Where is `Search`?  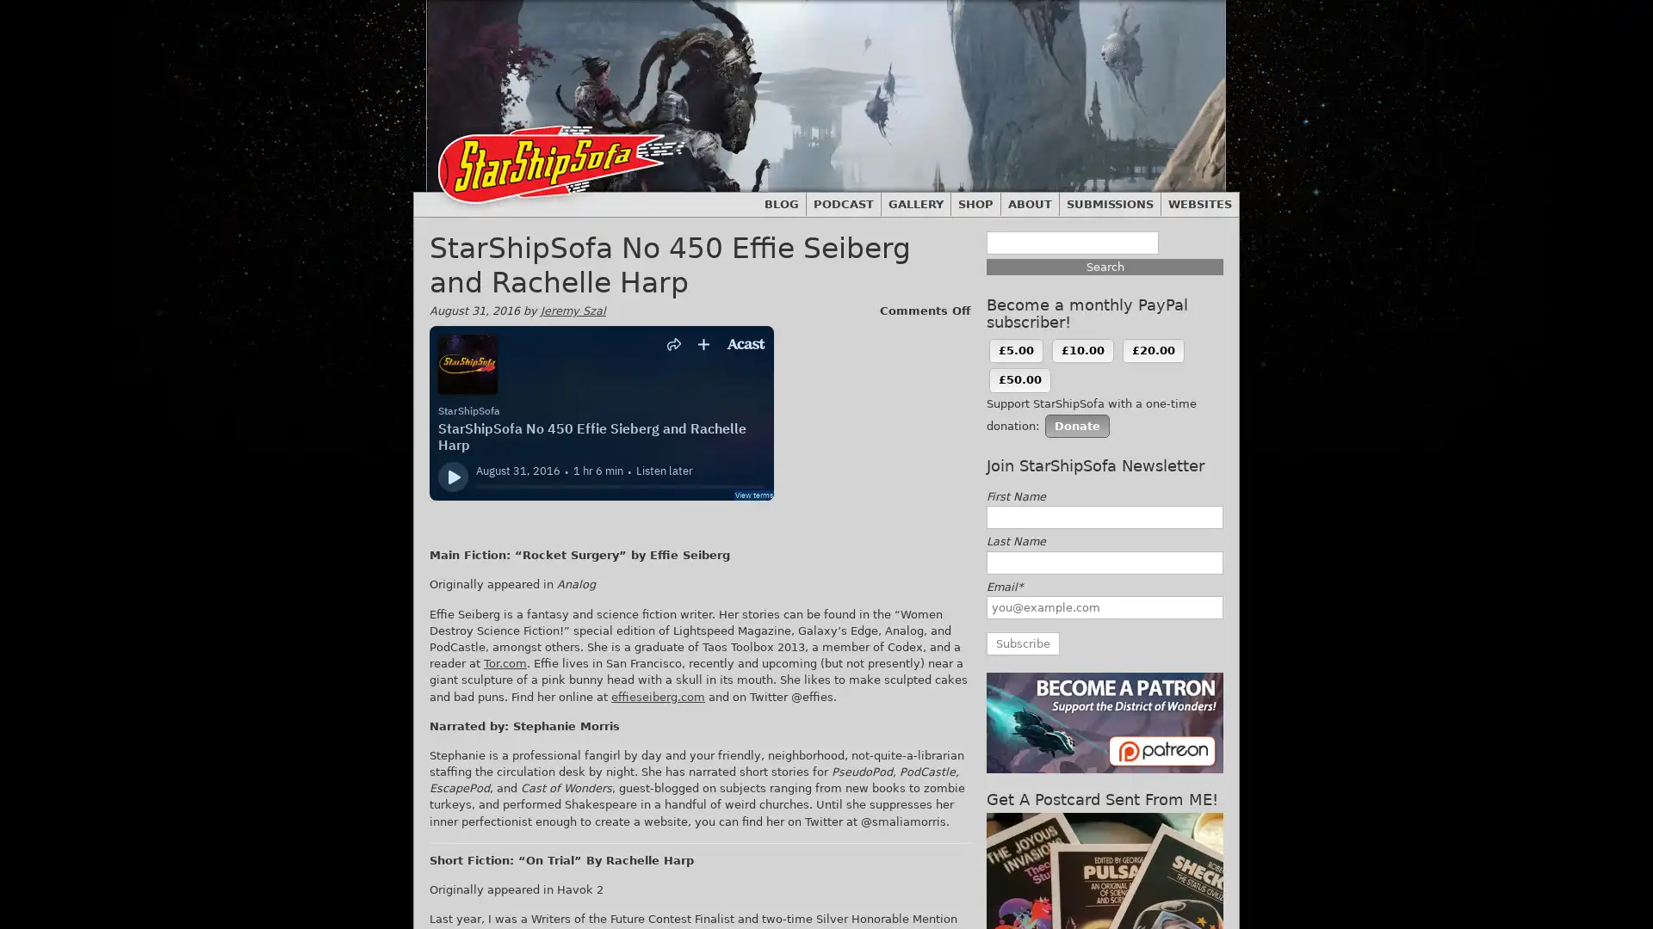 Search is located at coordinates (1105, 267).